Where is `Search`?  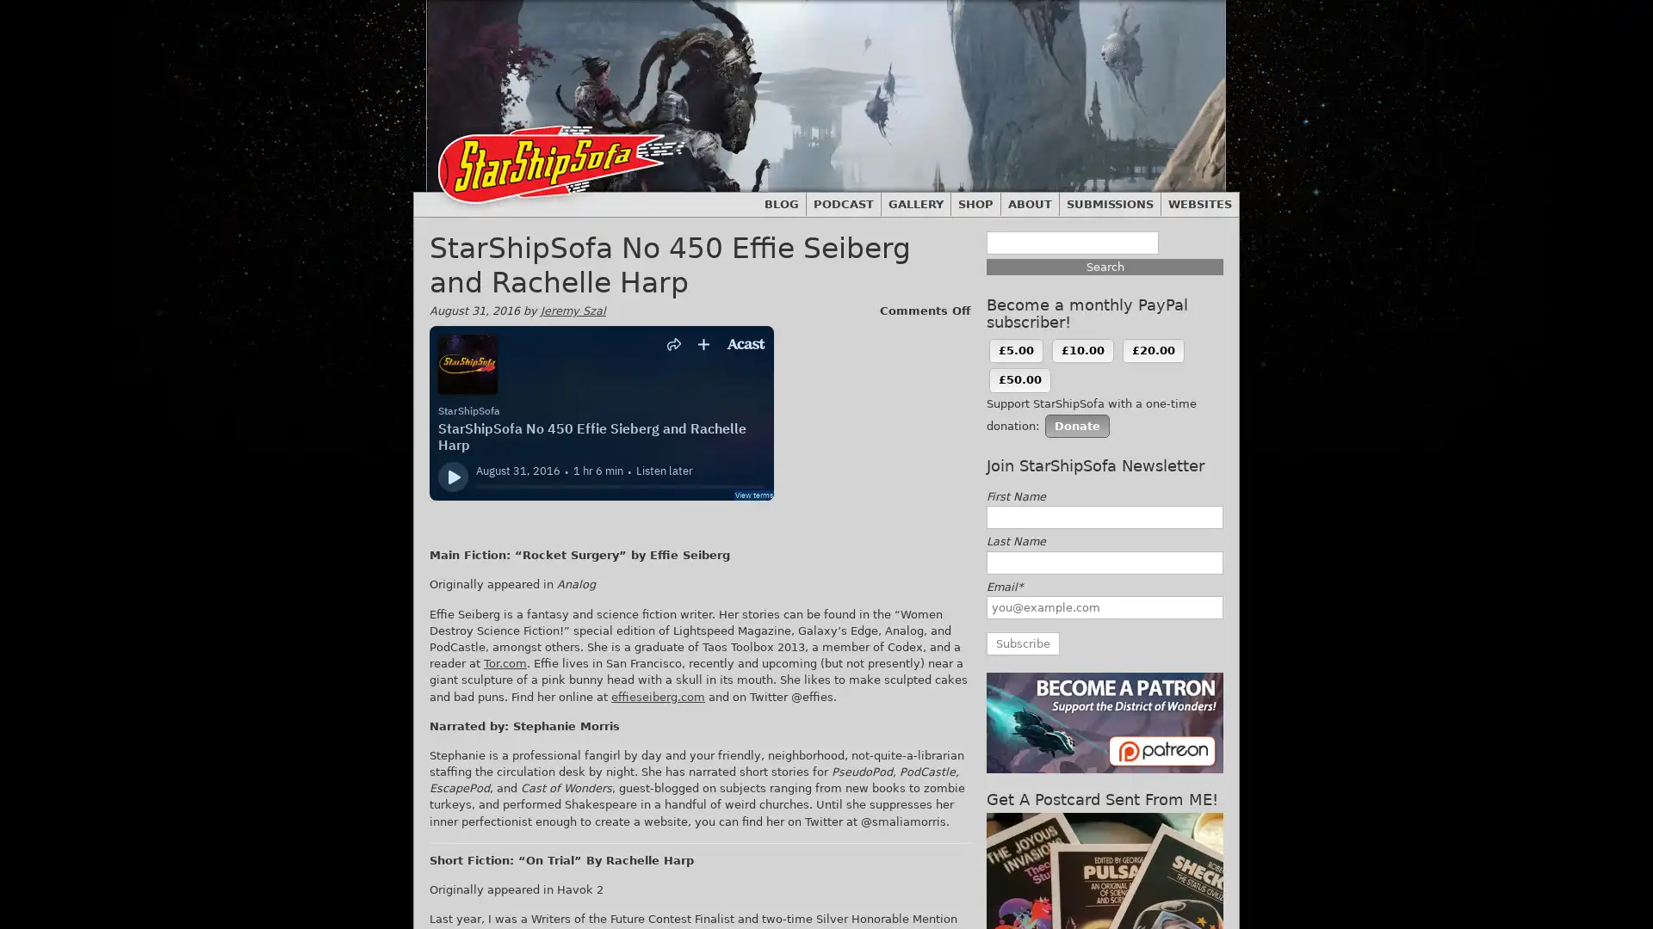 Search is located at coordinates (1105, 267).